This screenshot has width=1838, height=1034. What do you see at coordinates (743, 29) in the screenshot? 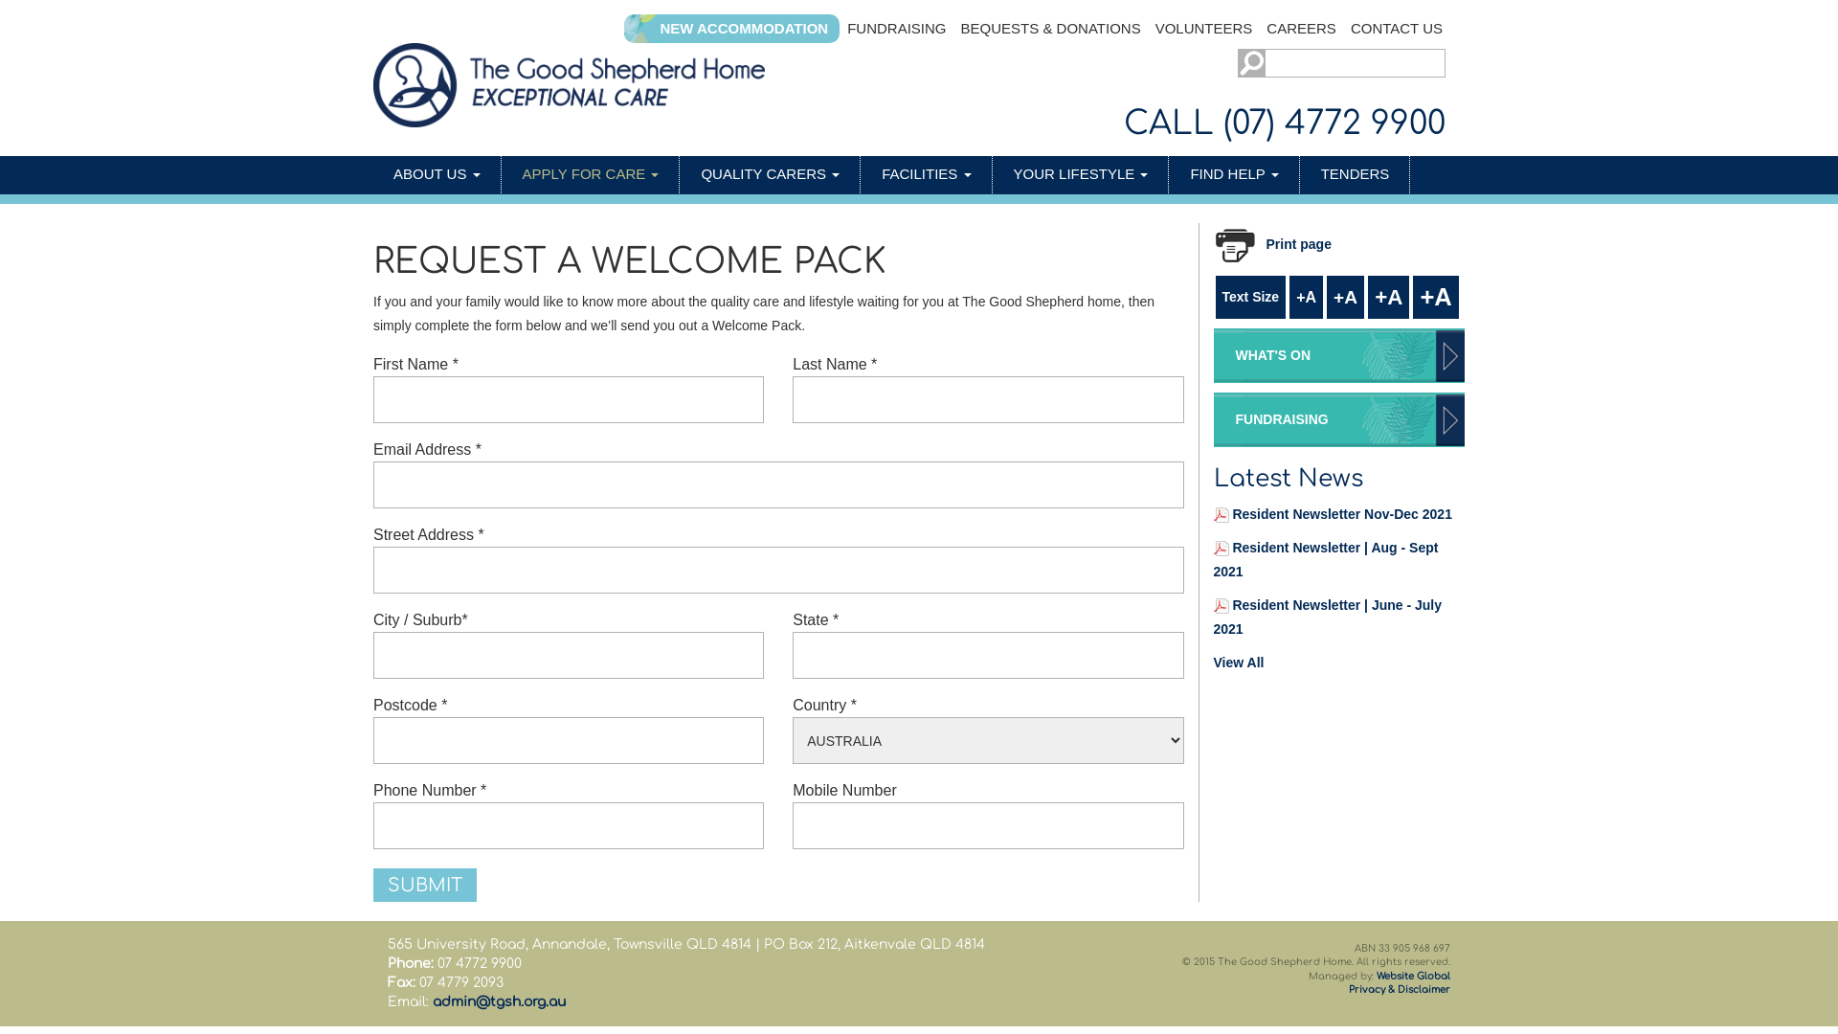
I see `'NEW ACCOMMODATION'` at bounding box center [743, 29].